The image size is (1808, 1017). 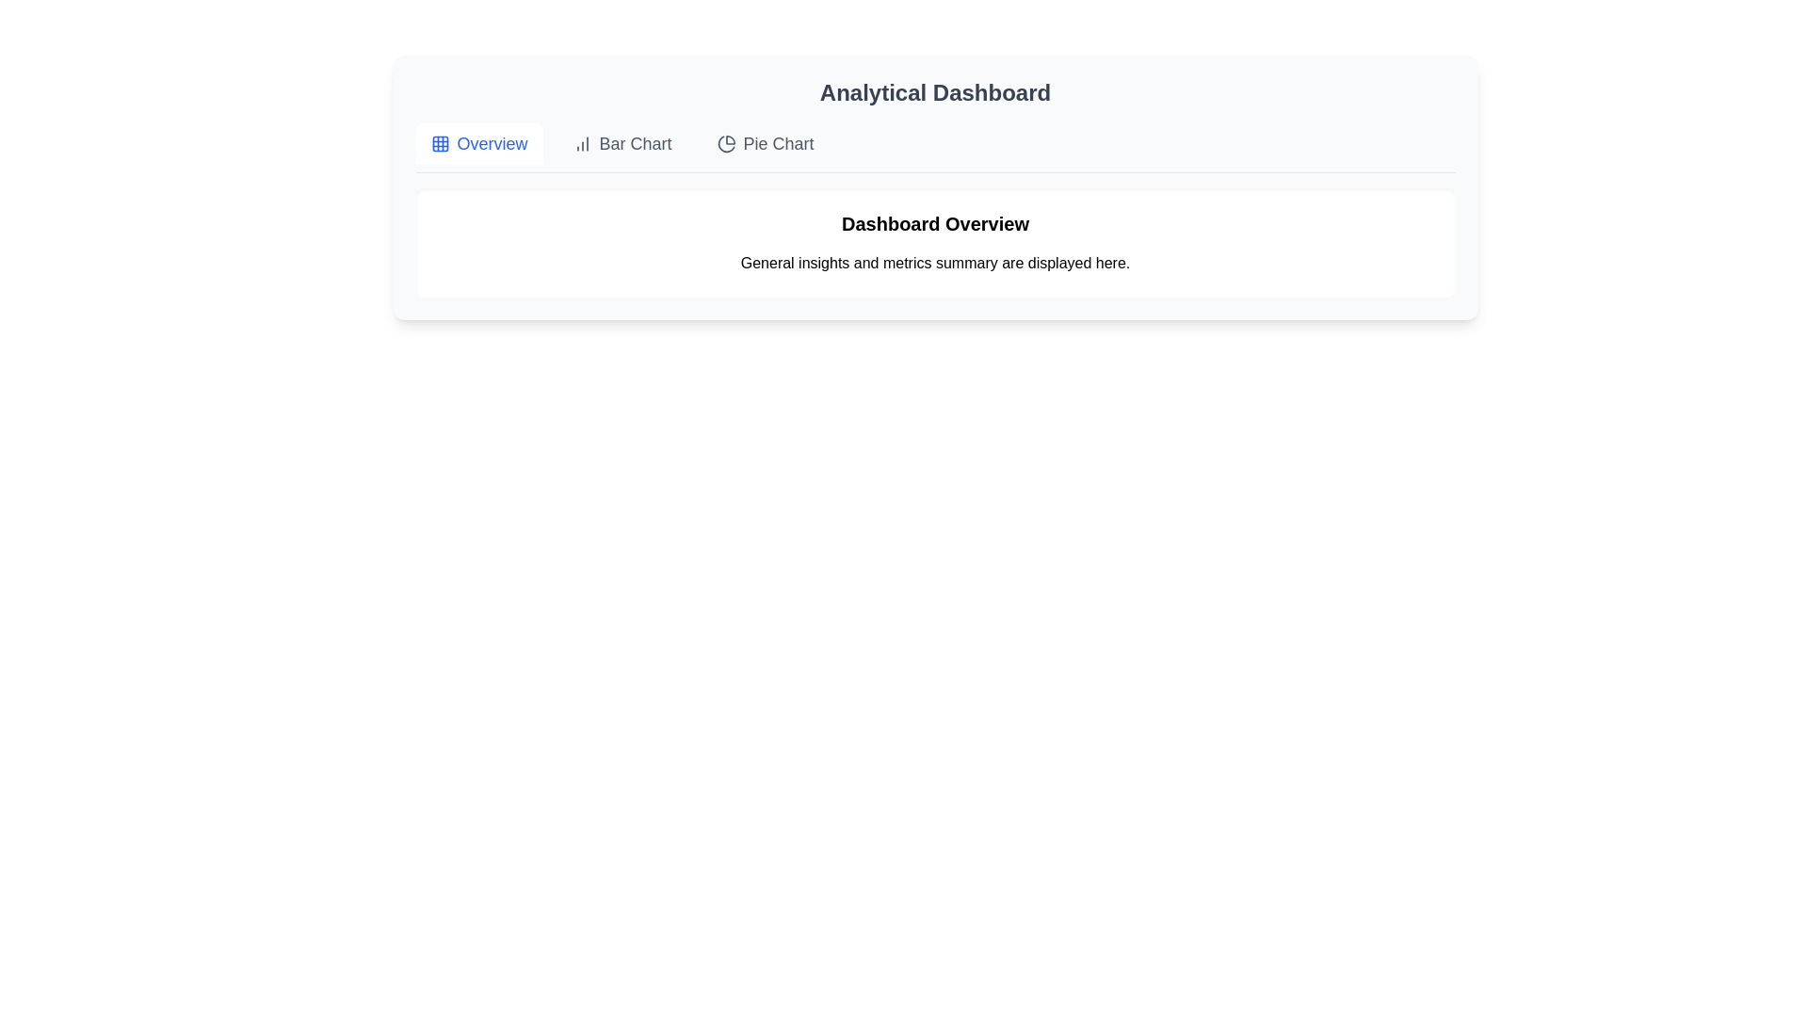 I want to click on contextual information from the Text label located below the 'Dashboard Overview' title, which summarizes insights and metrics on the dashboard, so click(x=935, y=264).